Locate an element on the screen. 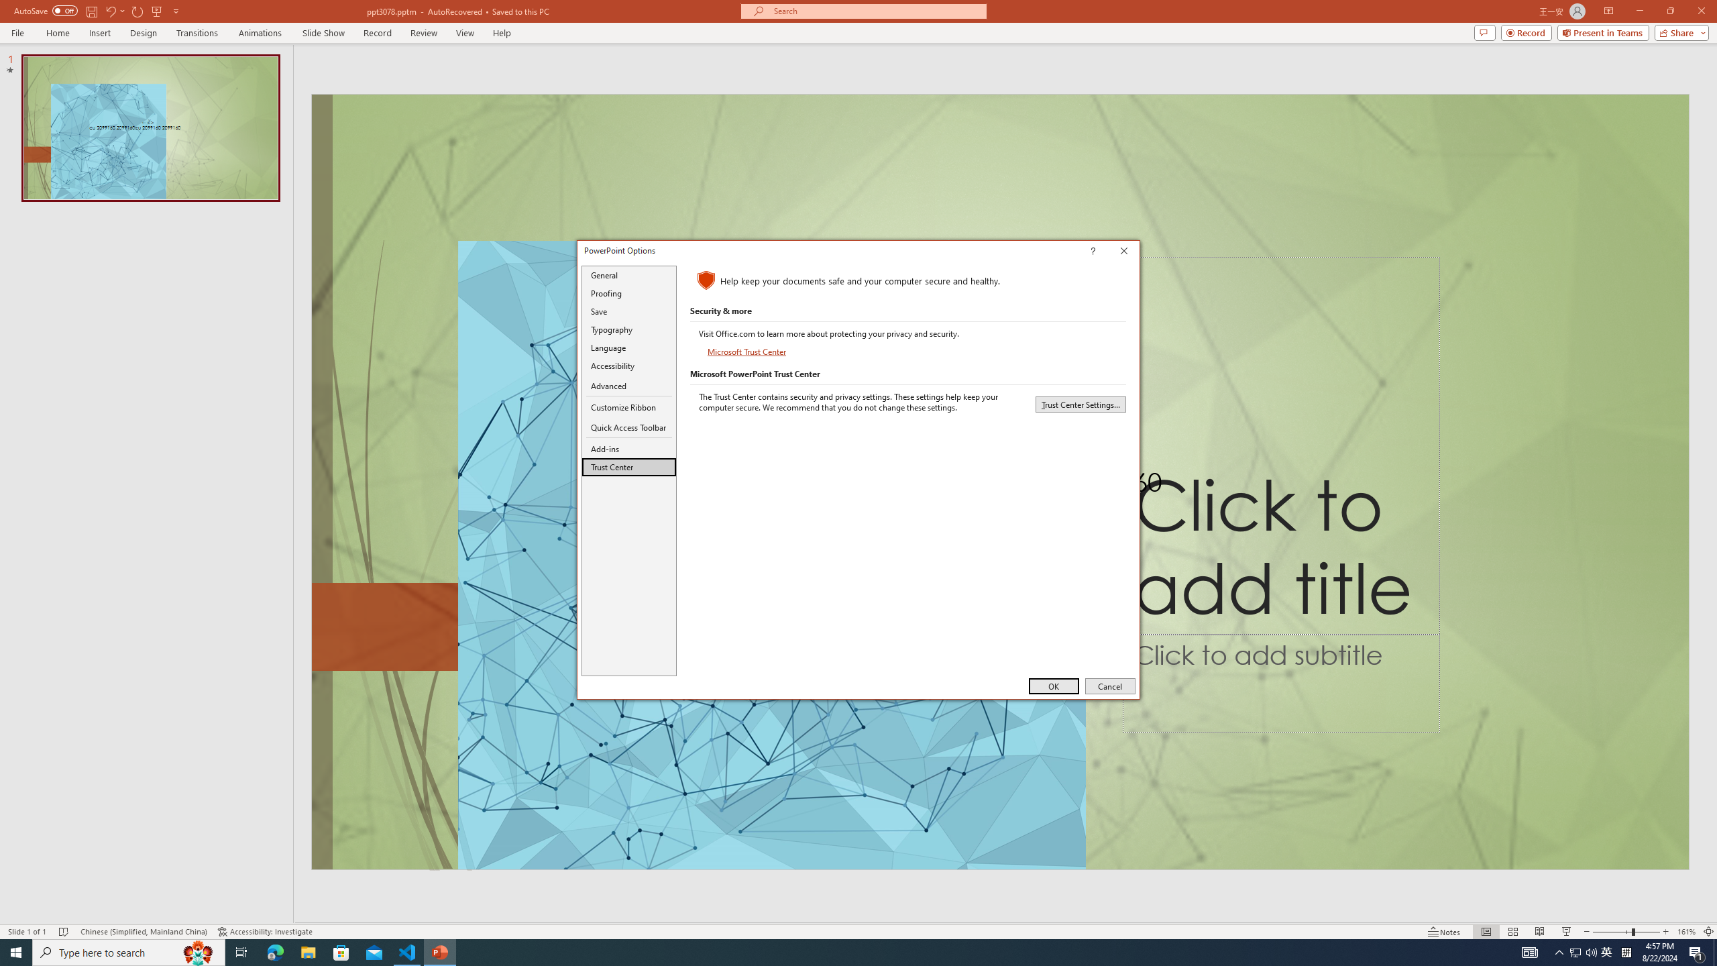 The width and height of the screenshot is (1717, 966). 'Customize Ribbon' is located at coordinates (628, 406).